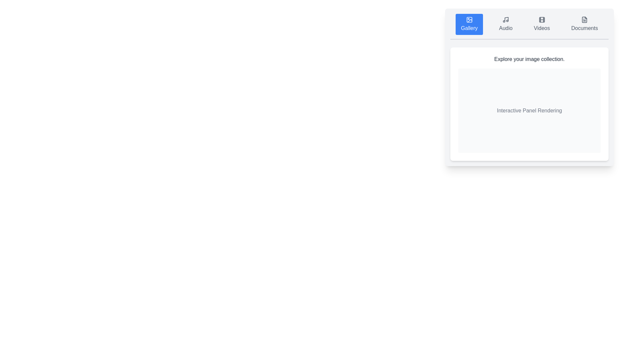  Describe the element at coordinates (585, 24) in the screenshot. I see `the 'Documents' tab to view text files` at that location.